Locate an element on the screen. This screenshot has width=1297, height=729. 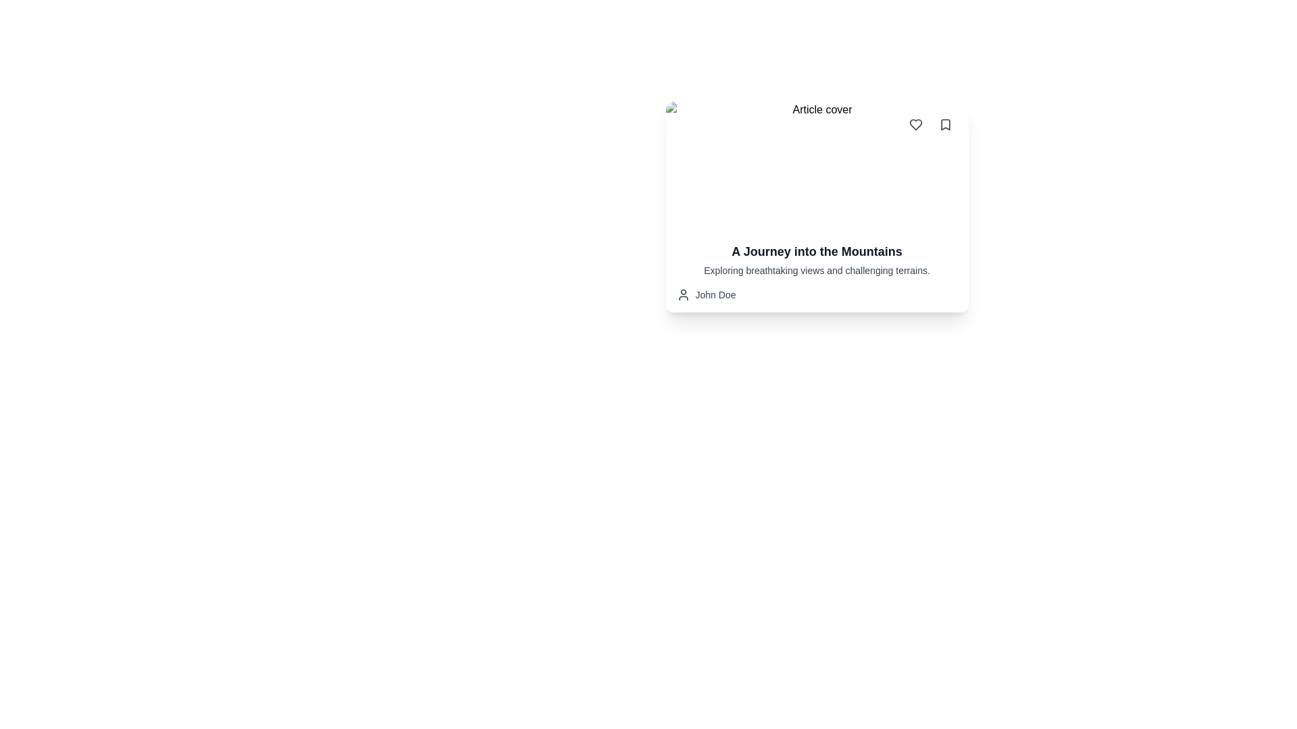
the bookmark button, which is the second circular button from the right in the top-right corner of the card, adjacent to a heart icon button is located at coordinates (944, 125).